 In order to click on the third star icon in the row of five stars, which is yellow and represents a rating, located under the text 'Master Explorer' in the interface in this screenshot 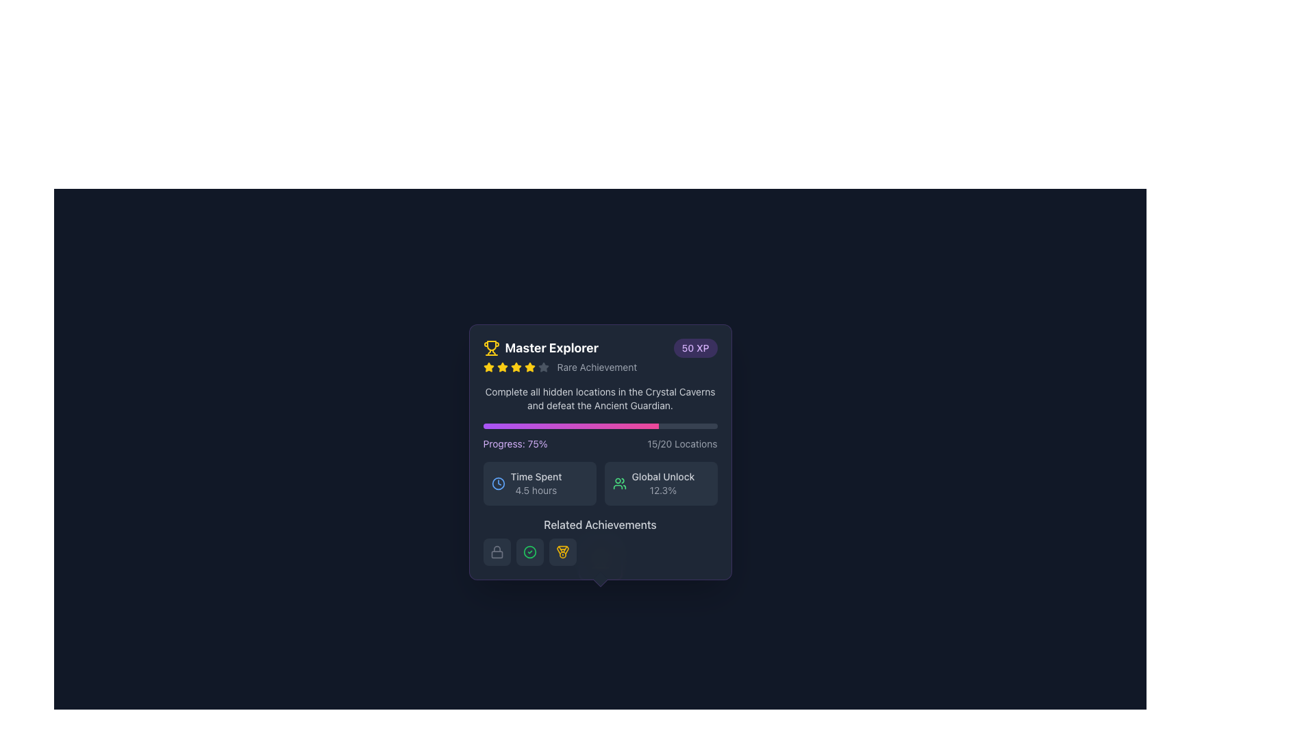, I will do `click(488, 366)`.